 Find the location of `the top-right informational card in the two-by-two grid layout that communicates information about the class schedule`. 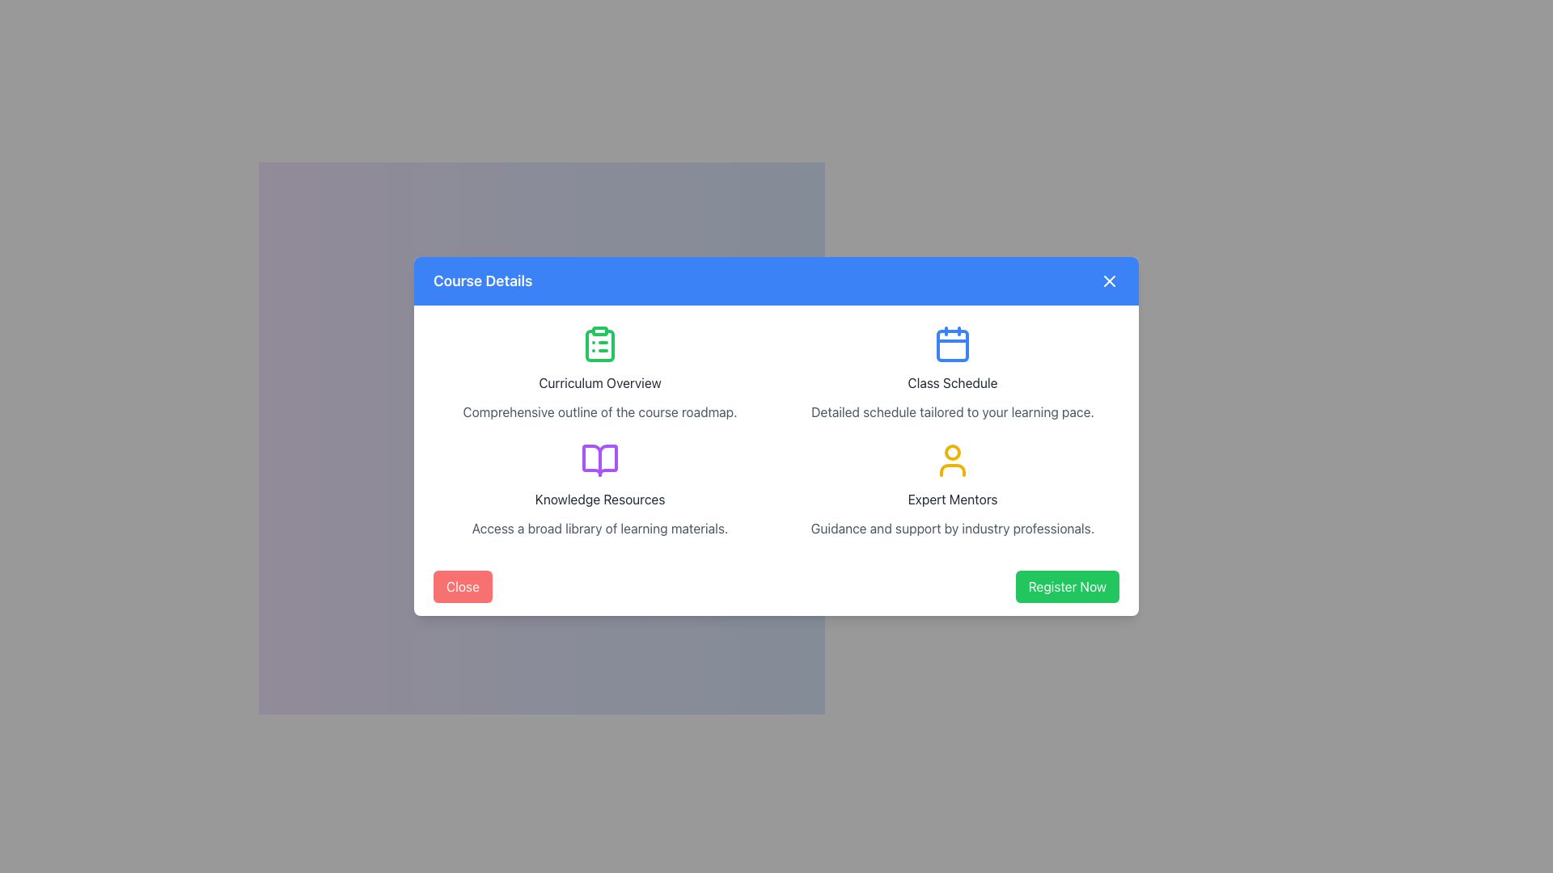

the top-right informational card in the two-by-two grid layout that communicates information about the class schedule is located at coordinates (952, 373).